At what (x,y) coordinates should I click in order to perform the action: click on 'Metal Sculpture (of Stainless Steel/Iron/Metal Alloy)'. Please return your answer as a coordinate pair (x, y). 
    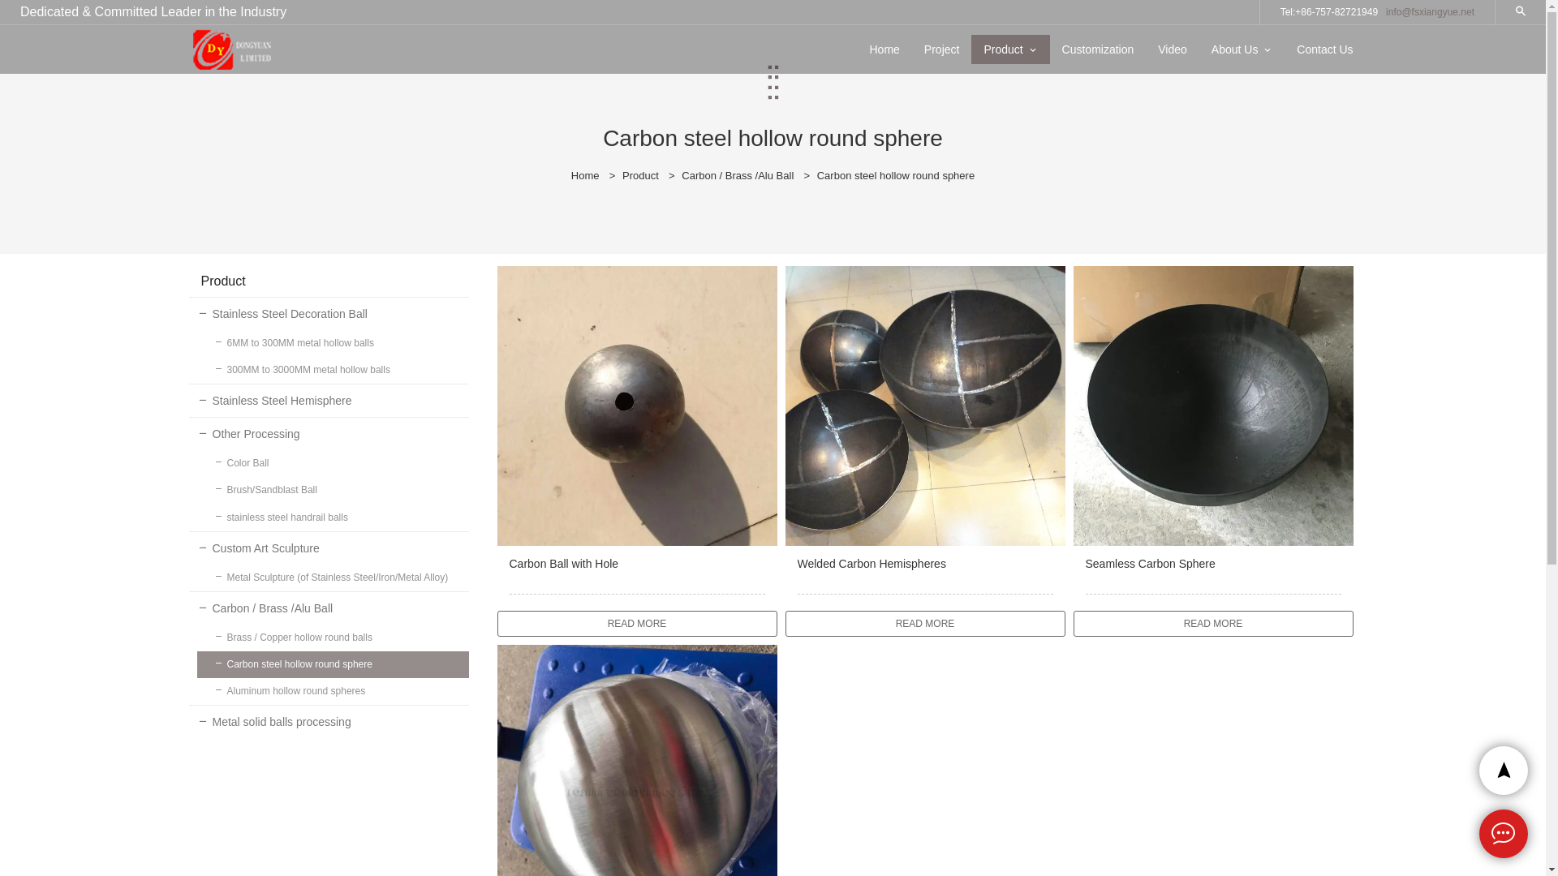
    Looking at the image, I should click on (331, 577).